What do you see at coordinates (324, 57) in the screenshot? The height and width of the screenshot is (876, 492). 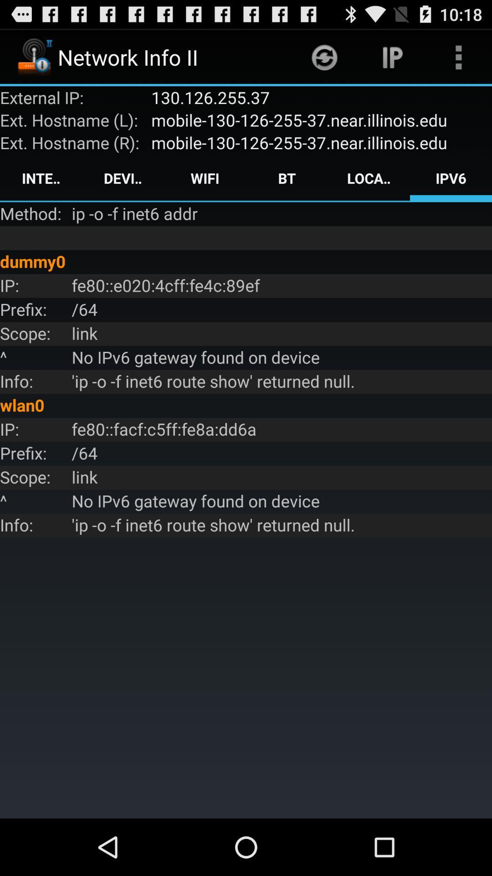 I see `app above 130 126 255` at bounding box center [324, 57].